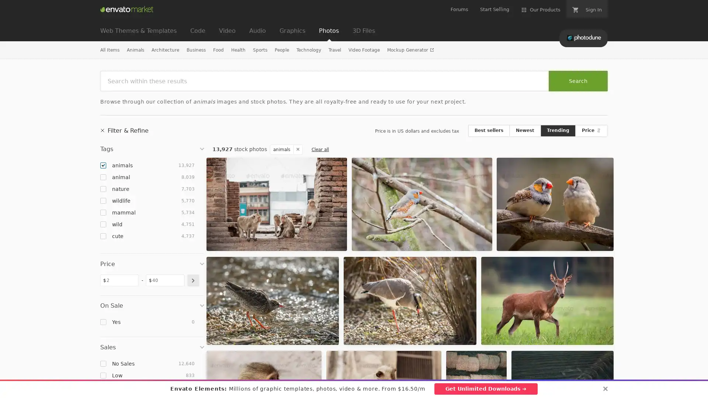  Describe the element at coordinates (193, 280) in the screenshot. I see `submit` at that location.